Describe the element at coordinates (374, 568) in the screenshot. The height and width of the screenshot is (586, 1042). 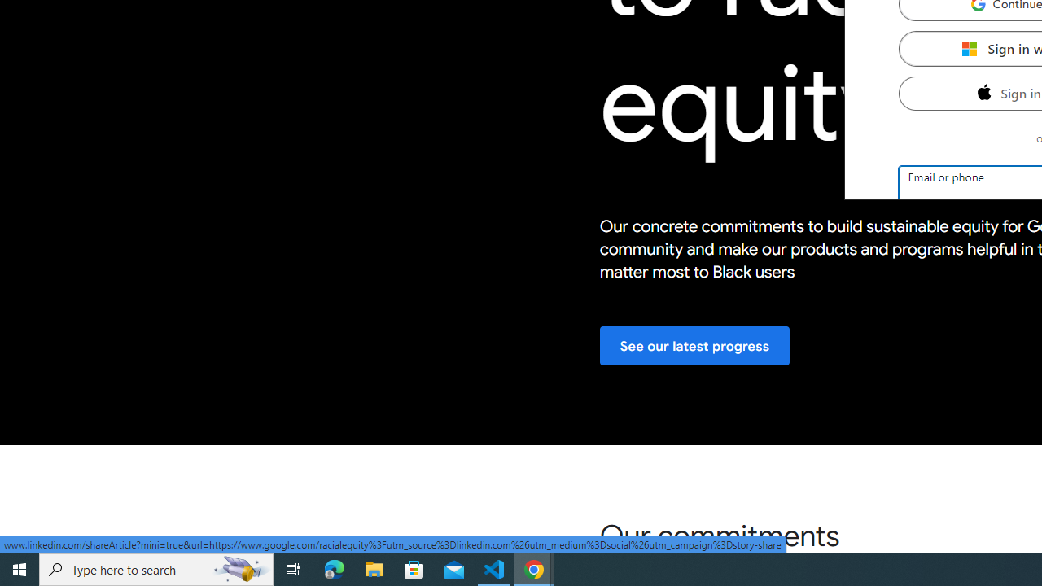
I see `'File Explorer'` at that location.